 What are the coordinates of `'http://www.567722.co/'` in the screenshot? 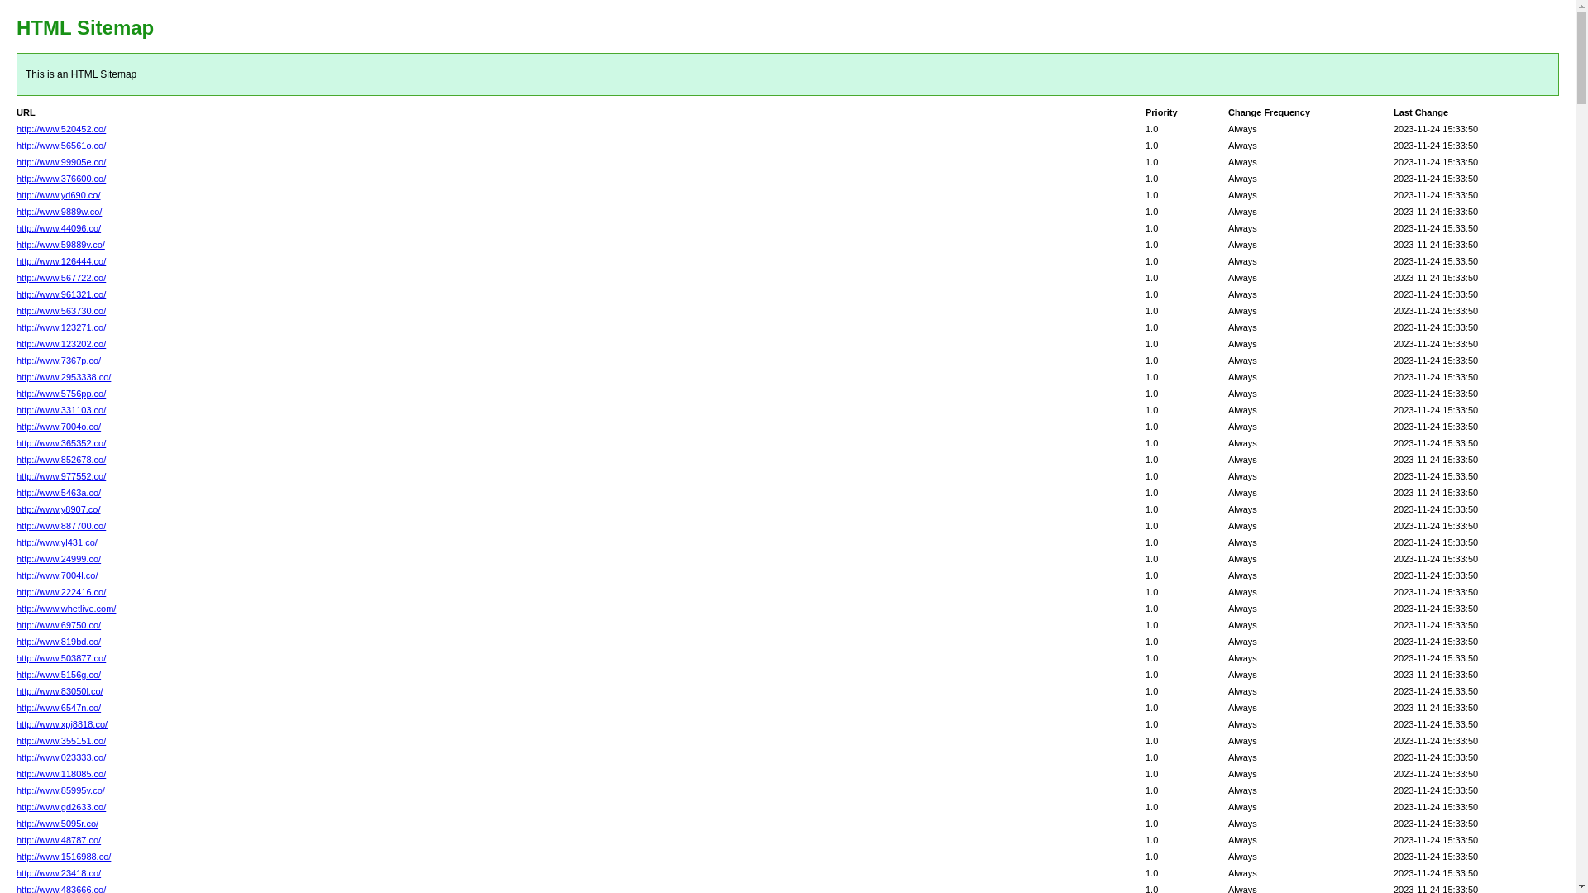 It's located at (60, 276).